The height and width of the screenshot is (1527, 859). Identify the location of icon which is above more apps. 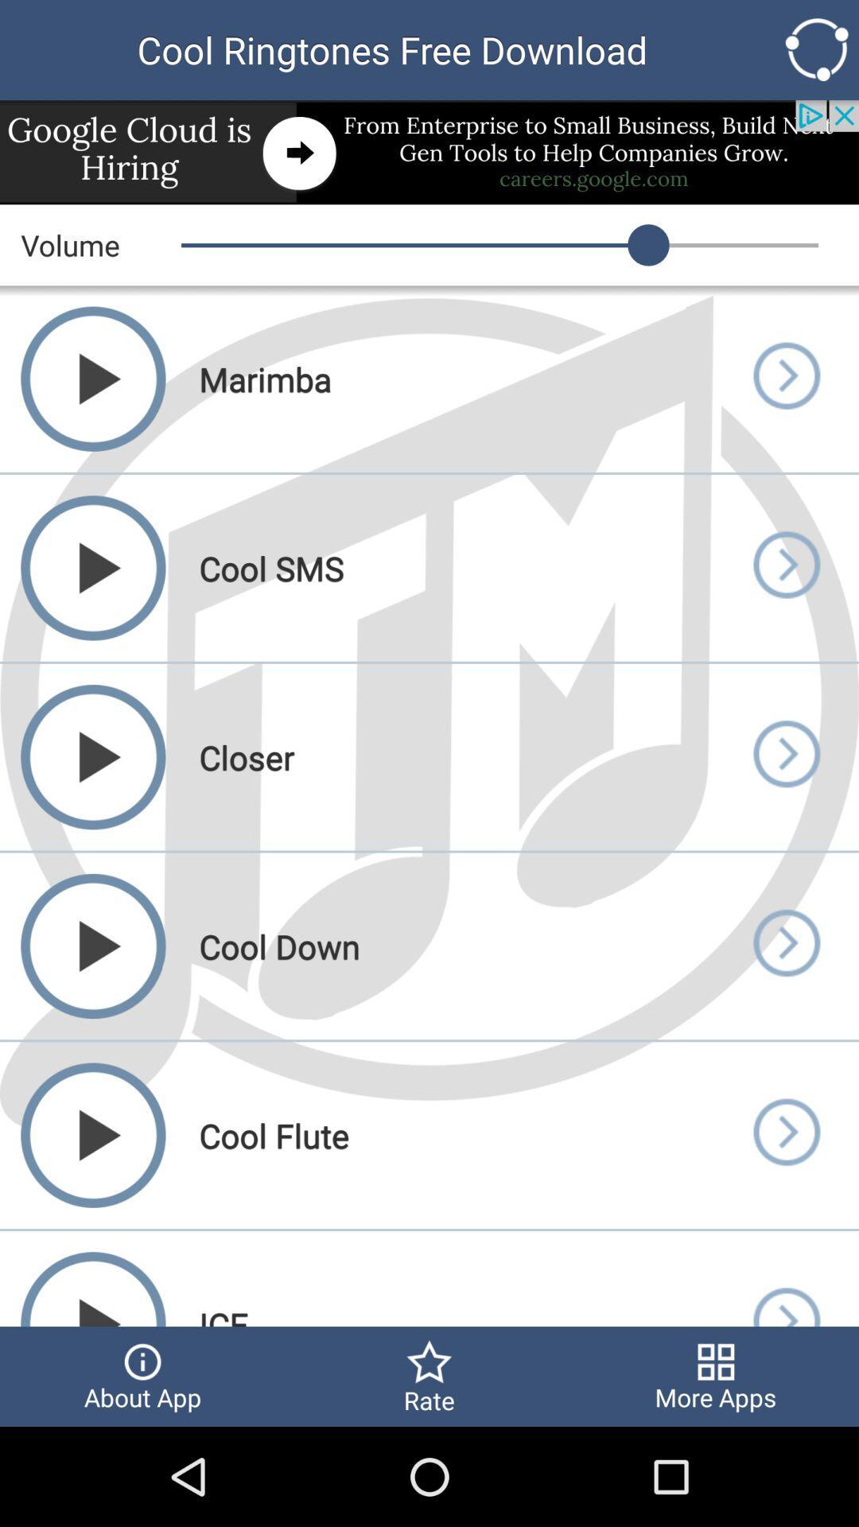
(784, 1279).